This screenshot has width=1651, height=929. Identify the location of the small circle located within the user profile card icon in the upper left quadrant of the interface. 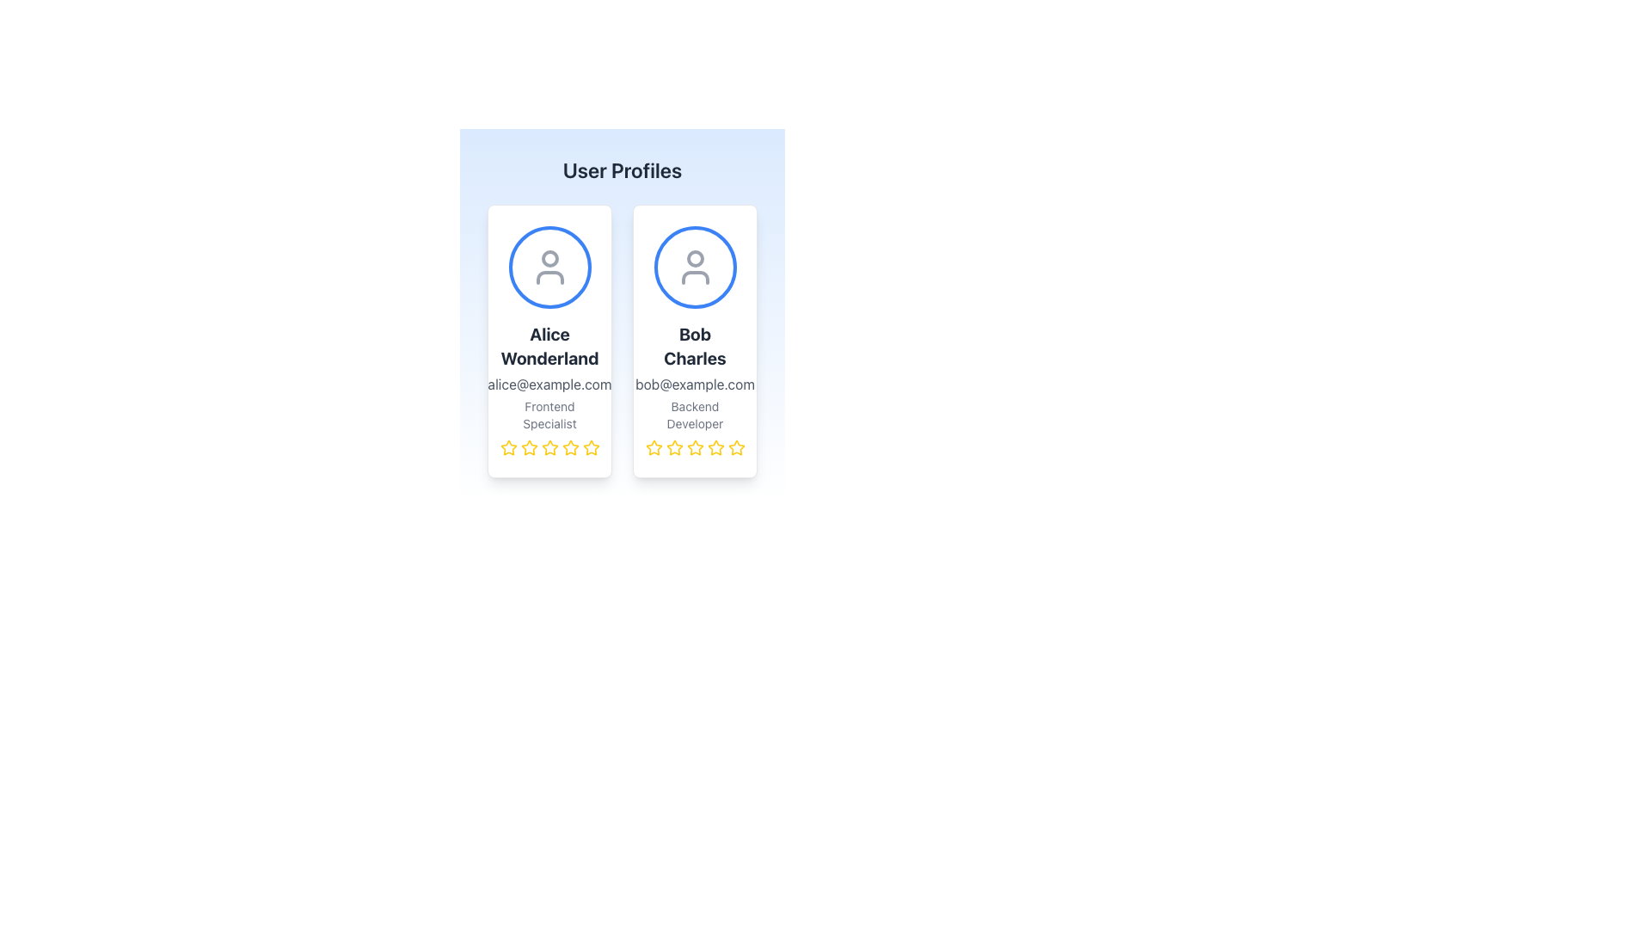
(549, 258).